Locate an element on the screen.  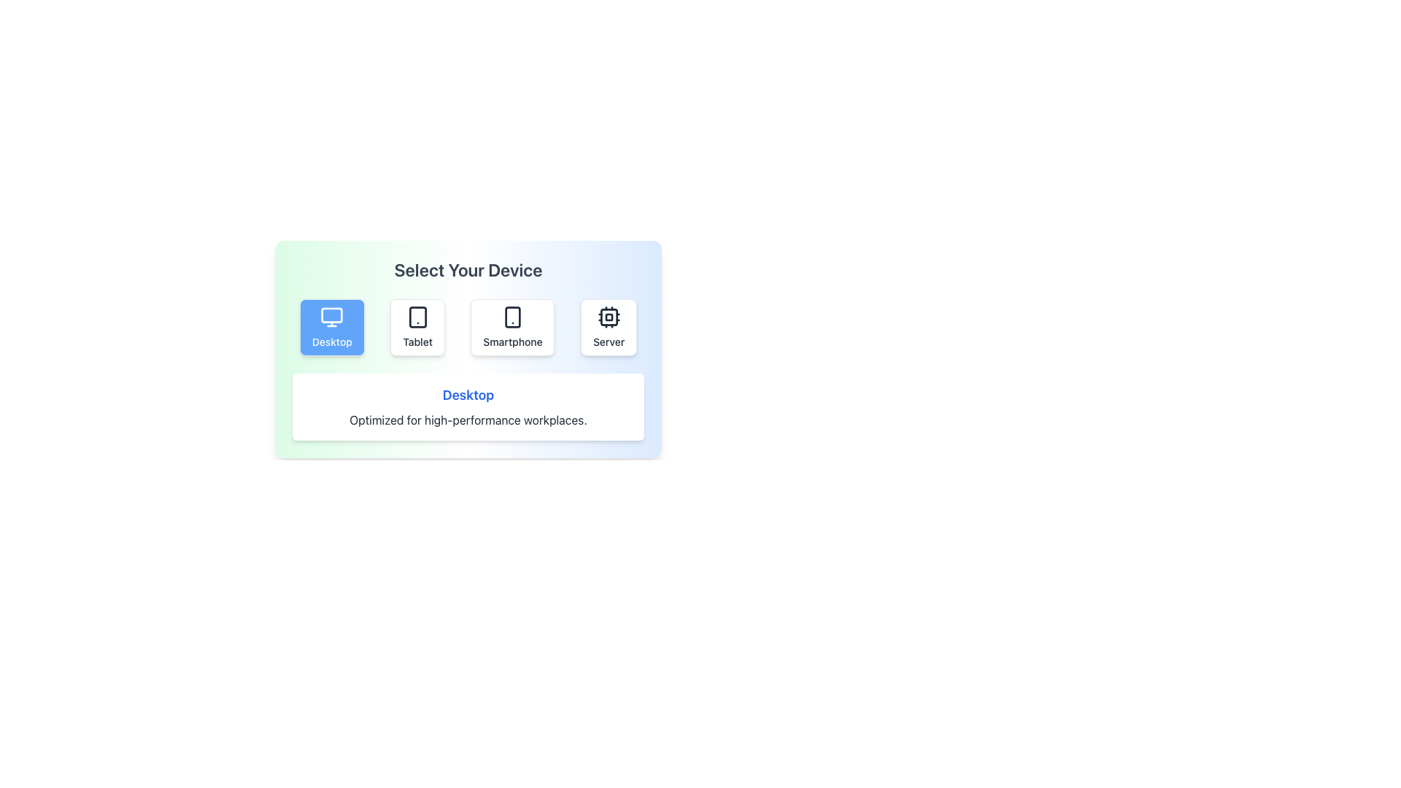
the outermost square of the CPU-like icon in the 'Select Your Device' interface, which visually enhances the 'Server' selection option is located at coordinates (609, 317).